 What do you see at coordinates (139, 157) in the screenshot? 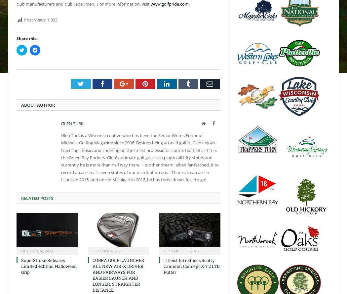
I see `'Glen Turk is a Wisconsin native who has been the Senior Writer/Editor of Midwest Golfing Magazine since 2006. Besides being an avid golfer, Glen enjoys traveling, music, and cheering on the finest professional sports team of all-time, the Green Bay Packers. Glen’s ultimate golf goal is to play in all fifty states and currently he is more than half way there. His other dream, albeit far-fetched, it to record an ace in all seven states of our distribution area. Thanks to an ace in Illinois in 2015, and one in Michigan in 2016, he has three down, four to go!'` at bounding box center [139, 157].